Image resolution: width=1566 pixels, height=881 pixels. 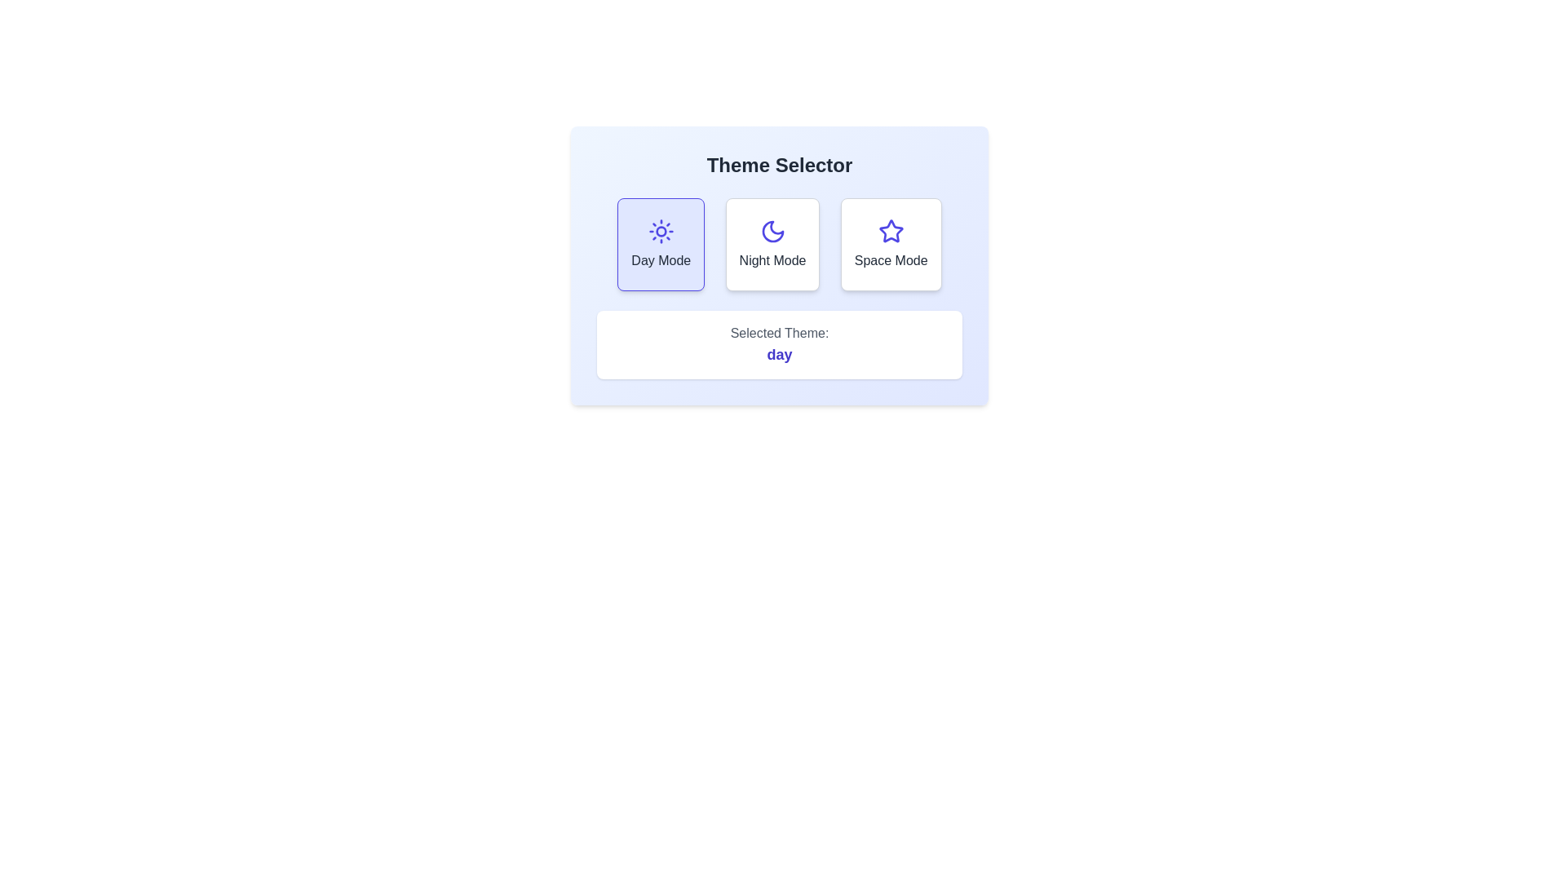 What do you see at coordinates (890, 245) in the screenshot?
I see `the rectangular button labeled 'Space Mode', which features an indigo star icon above the text and is the rightmost button in a group of three` at bounding box center [890, 245].